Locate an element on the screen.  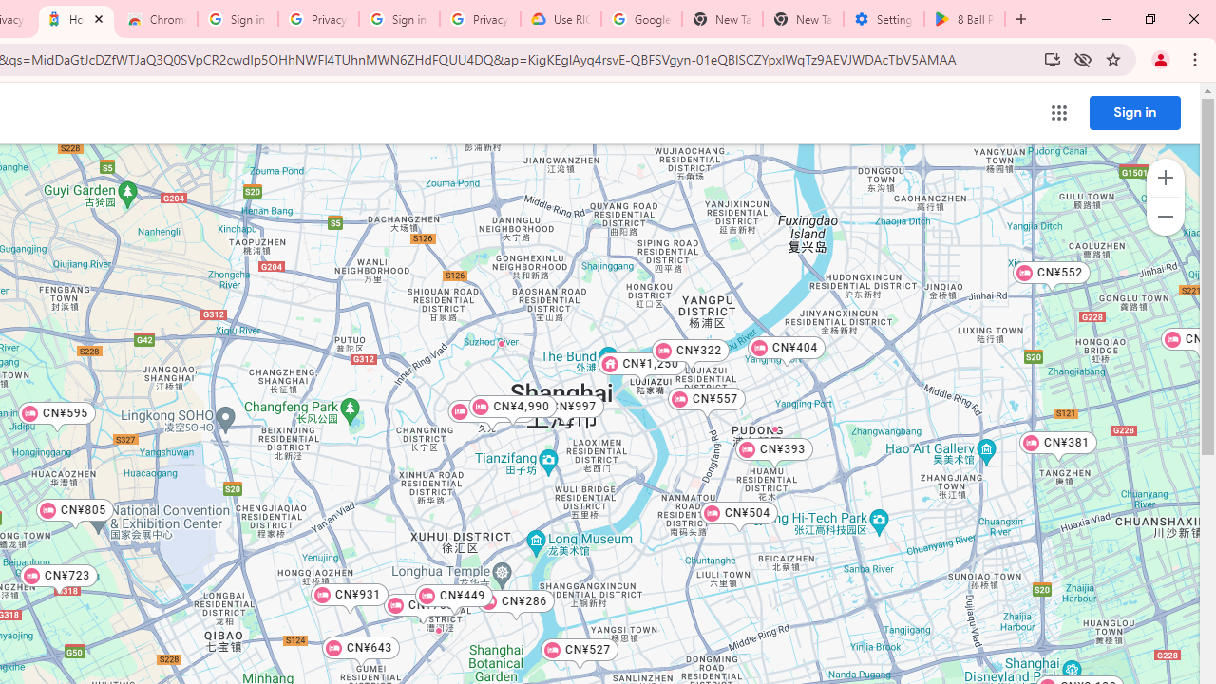
'Zoom in map' is located at coordinates (1164, 178).